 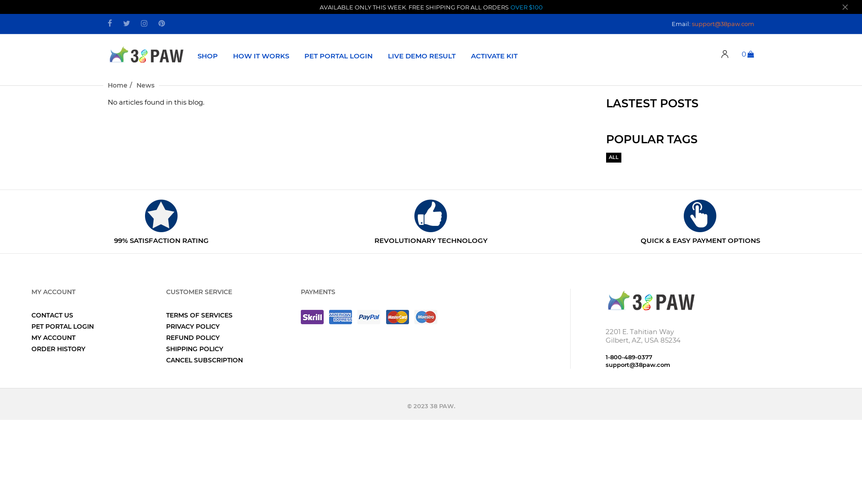 What do you see at coordinates (651, 300) in the screenshot?
I see `'38 Paw'` at bounding box center [651, 300].